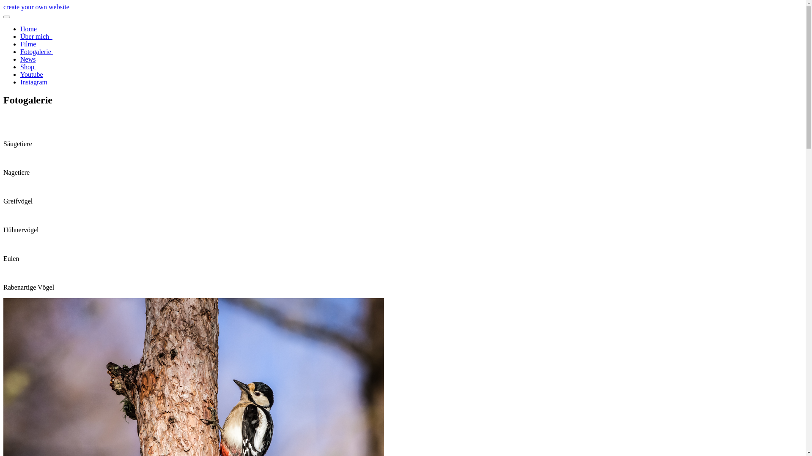  Describe the element at coordinates (34, 82) in the screenshot. I see `'Instagram'` at that location.